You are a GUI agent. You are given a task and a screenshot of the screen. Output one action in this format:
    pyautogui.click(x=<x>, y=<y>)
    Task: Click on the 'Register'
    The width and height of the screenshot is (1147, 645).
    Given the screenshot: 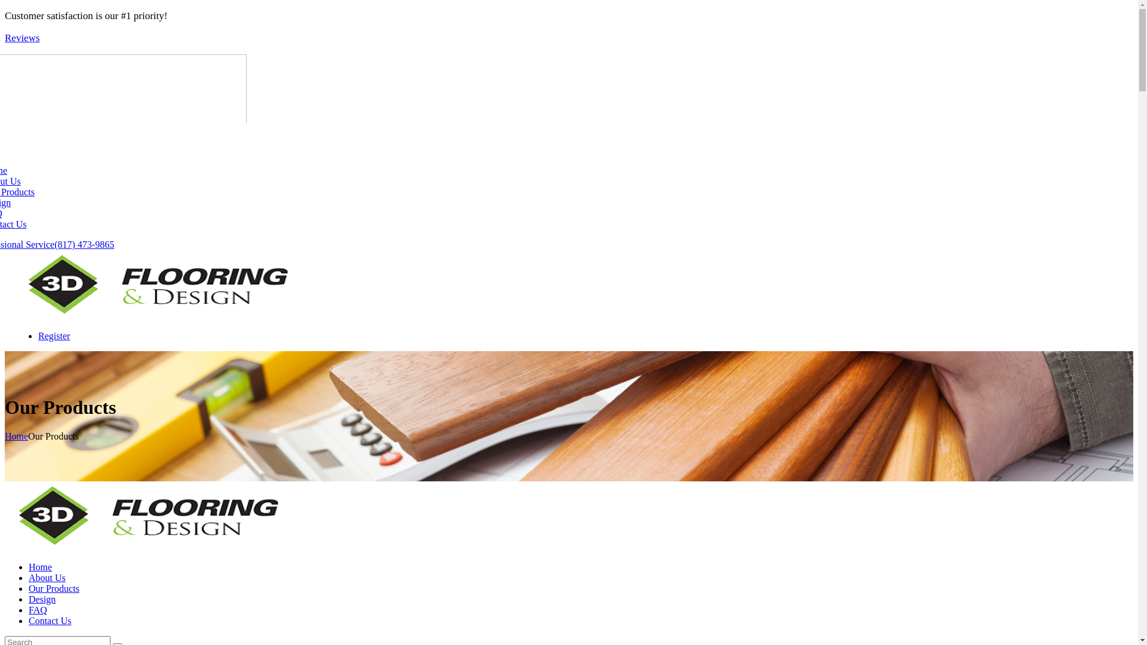 What is the action you would take?
    pyautogui.click(x=38, y=336)
    